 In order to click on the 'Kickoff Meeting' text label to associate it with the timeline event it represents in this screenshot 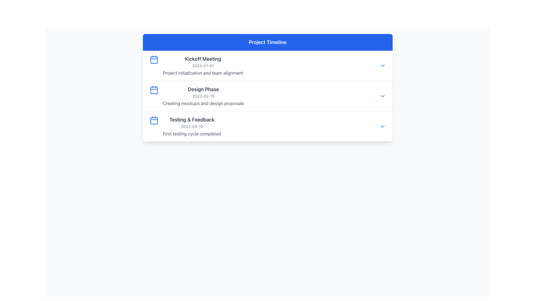, I will do `click(203, 59)`.